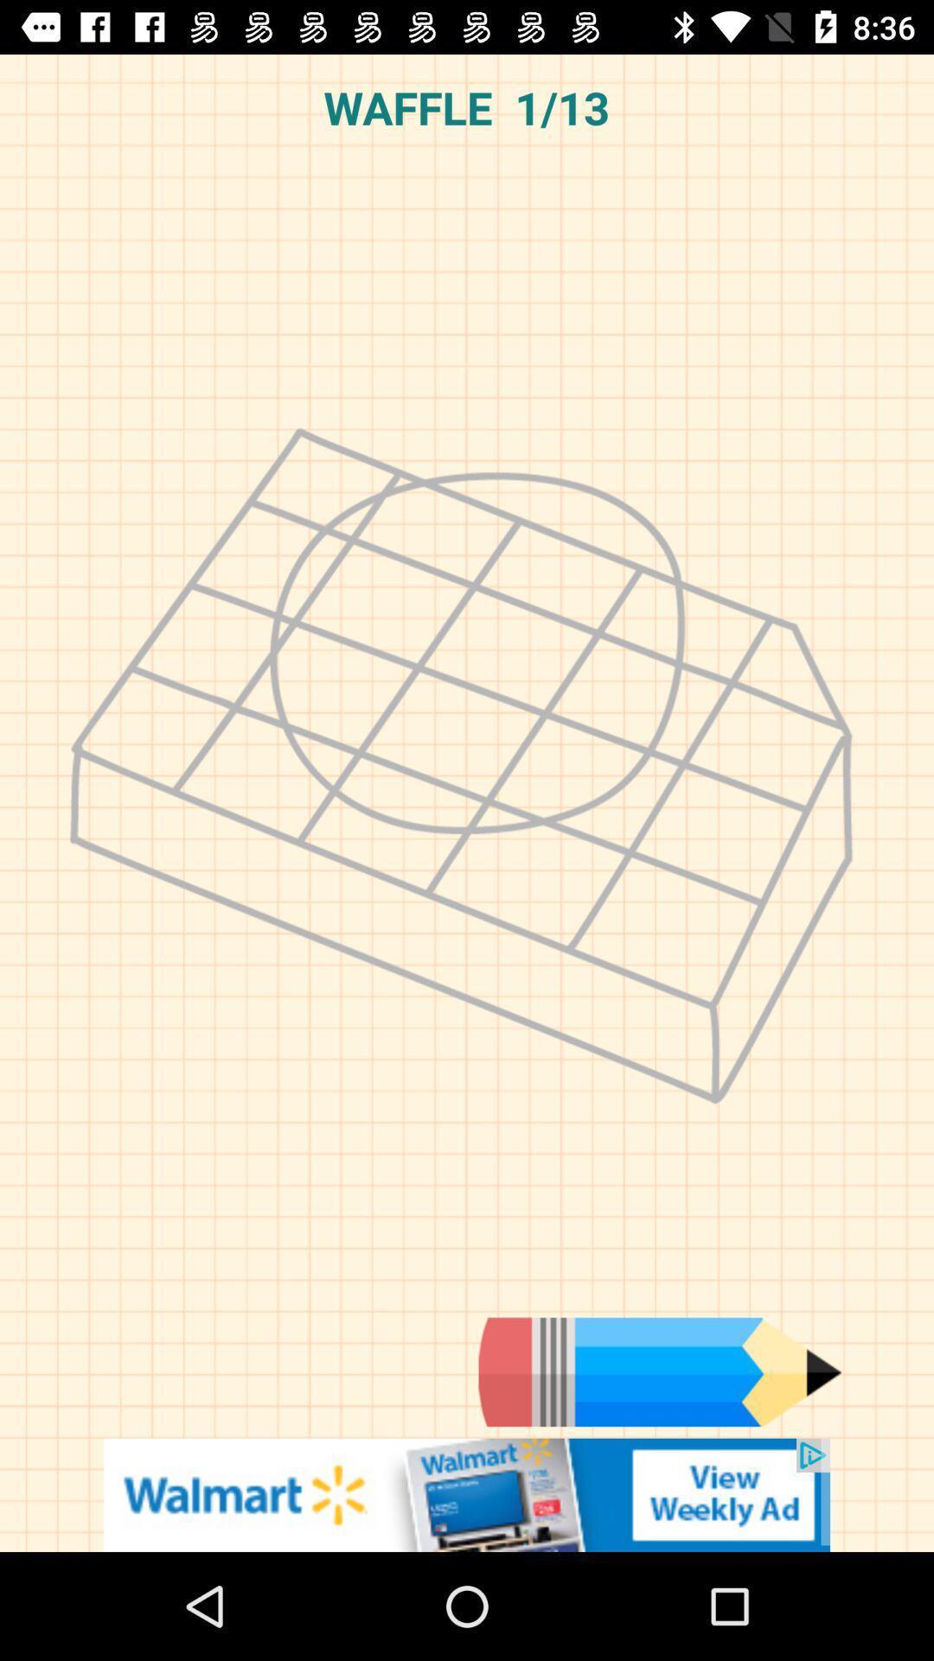 The width and height of the screenshot is (934, 1661). I want to click on to draw, so click(660, 1371).